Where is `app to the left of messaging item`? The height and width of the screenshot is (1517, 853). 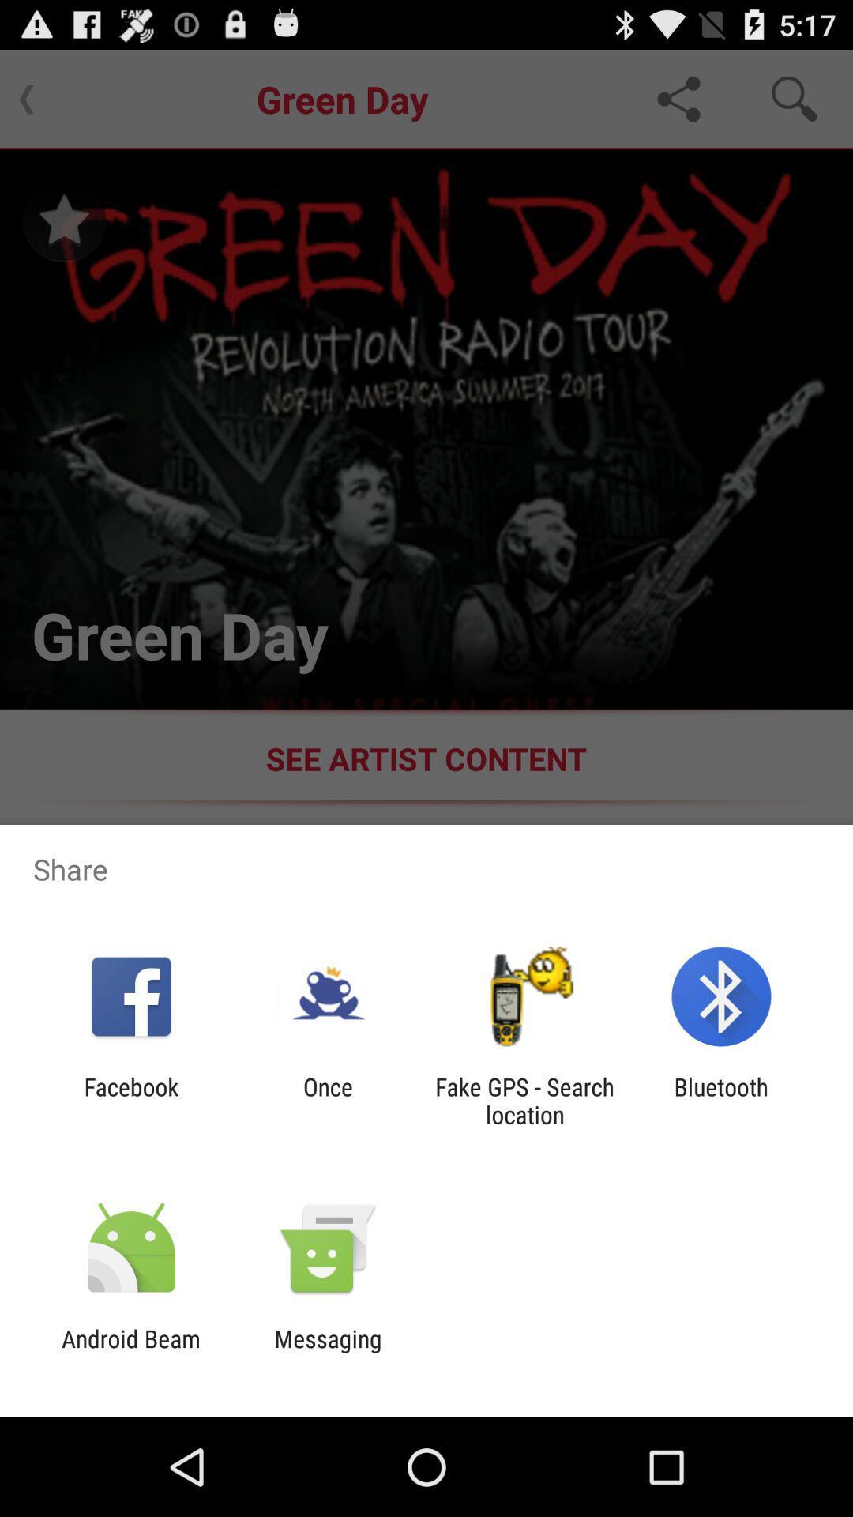
app to the left of messaging item is located at coordinates (130, 1352).